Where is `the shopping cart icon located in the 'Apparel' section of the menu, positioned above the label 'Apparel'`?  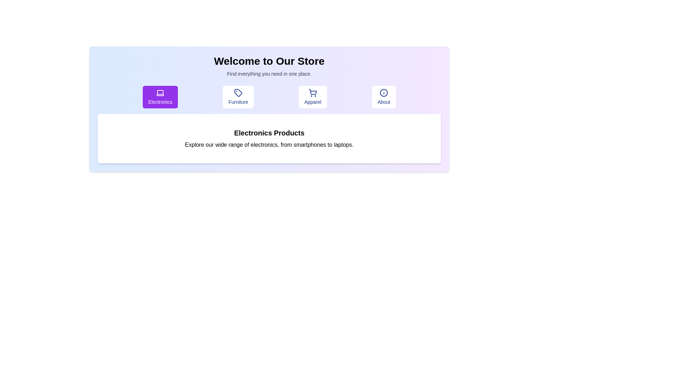
the shopping cart icon located in the 'Apparel' section of the menu, positioned above the label 'Apparel' is located at coordinates (312, 92).